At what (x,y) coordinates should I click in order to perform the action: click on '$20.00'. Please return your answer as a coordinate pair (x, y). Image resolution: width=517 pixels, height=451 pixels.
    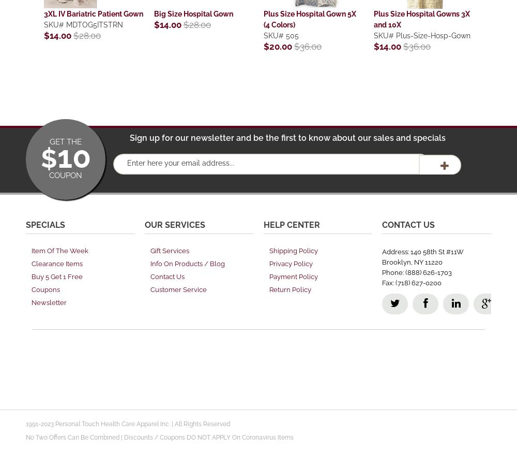
    Looking at the image, I should click on (279, 46).